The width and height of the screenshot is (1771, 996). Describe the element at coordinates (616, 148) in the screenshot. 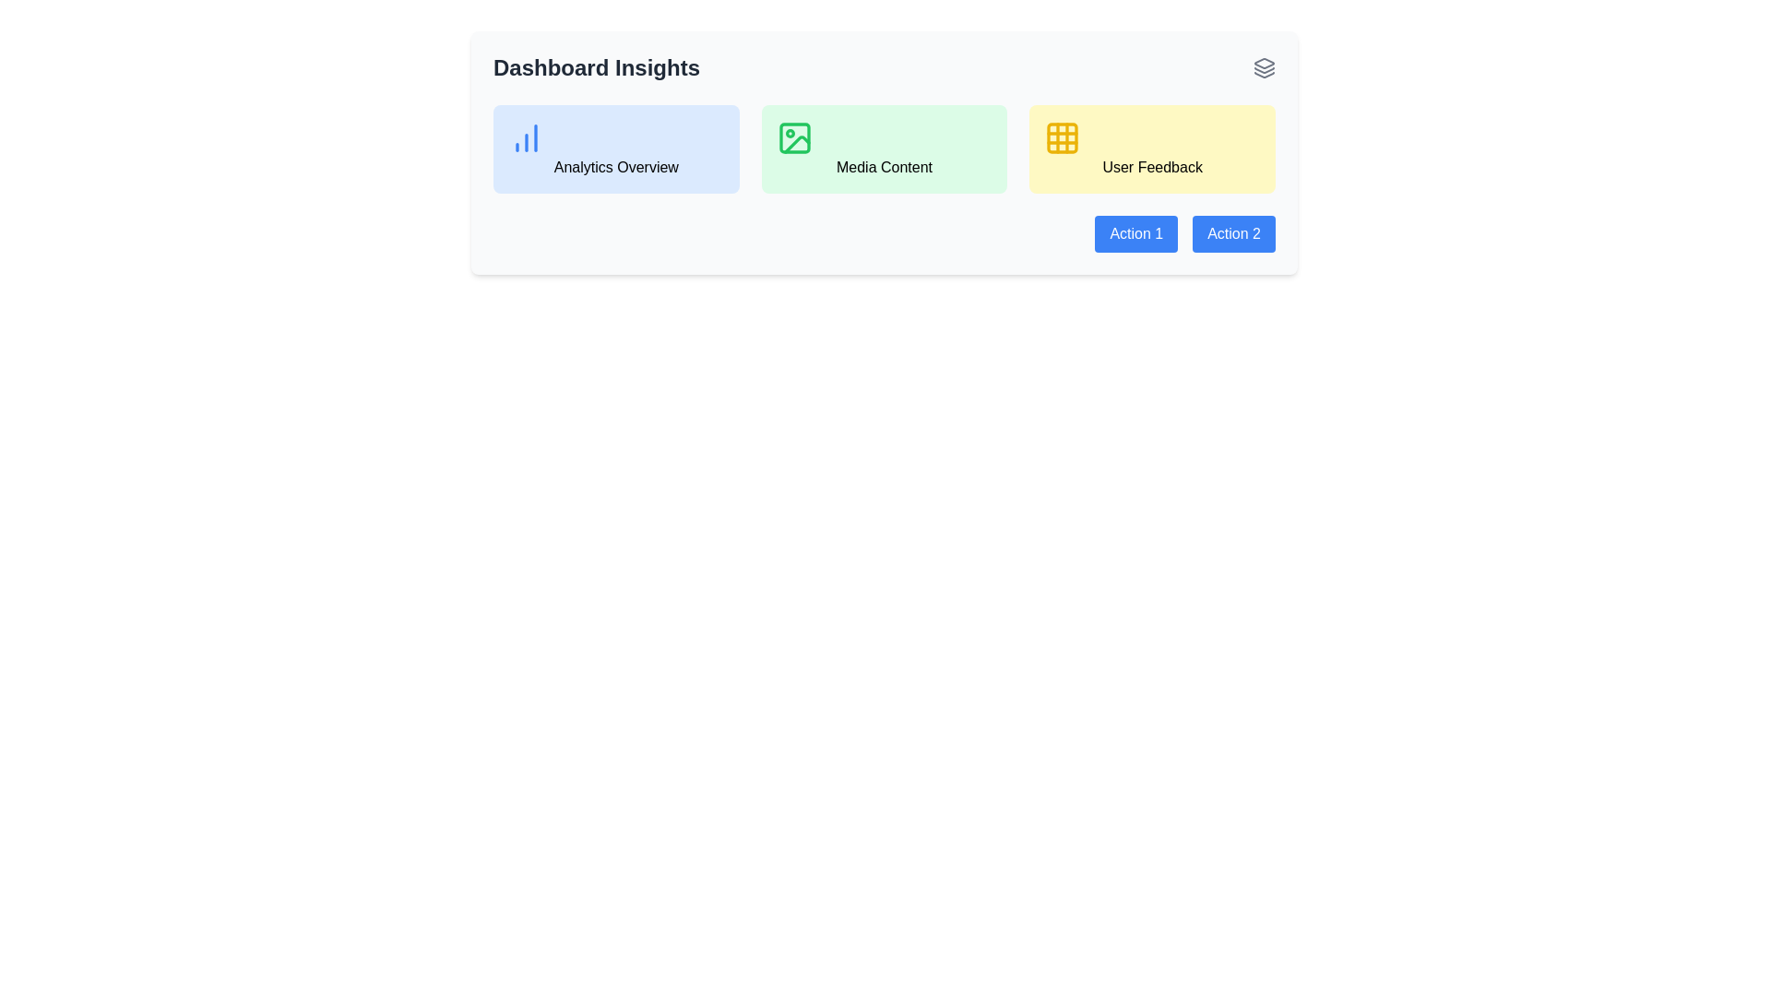

I see `the first analytics card in the 'Dashboard Insights' section, which is located to the left of the 'Media Content' and 'User Feedback' cards` at that location.